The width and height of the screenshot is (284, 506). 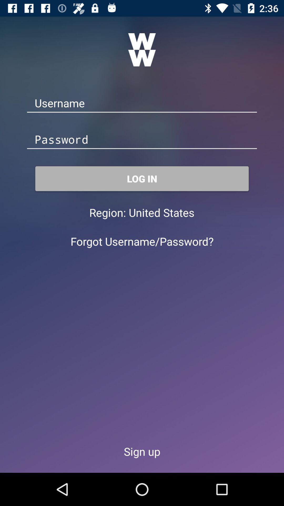 I want to click on the forgot username/password? icon, so click(x=142, y=241).